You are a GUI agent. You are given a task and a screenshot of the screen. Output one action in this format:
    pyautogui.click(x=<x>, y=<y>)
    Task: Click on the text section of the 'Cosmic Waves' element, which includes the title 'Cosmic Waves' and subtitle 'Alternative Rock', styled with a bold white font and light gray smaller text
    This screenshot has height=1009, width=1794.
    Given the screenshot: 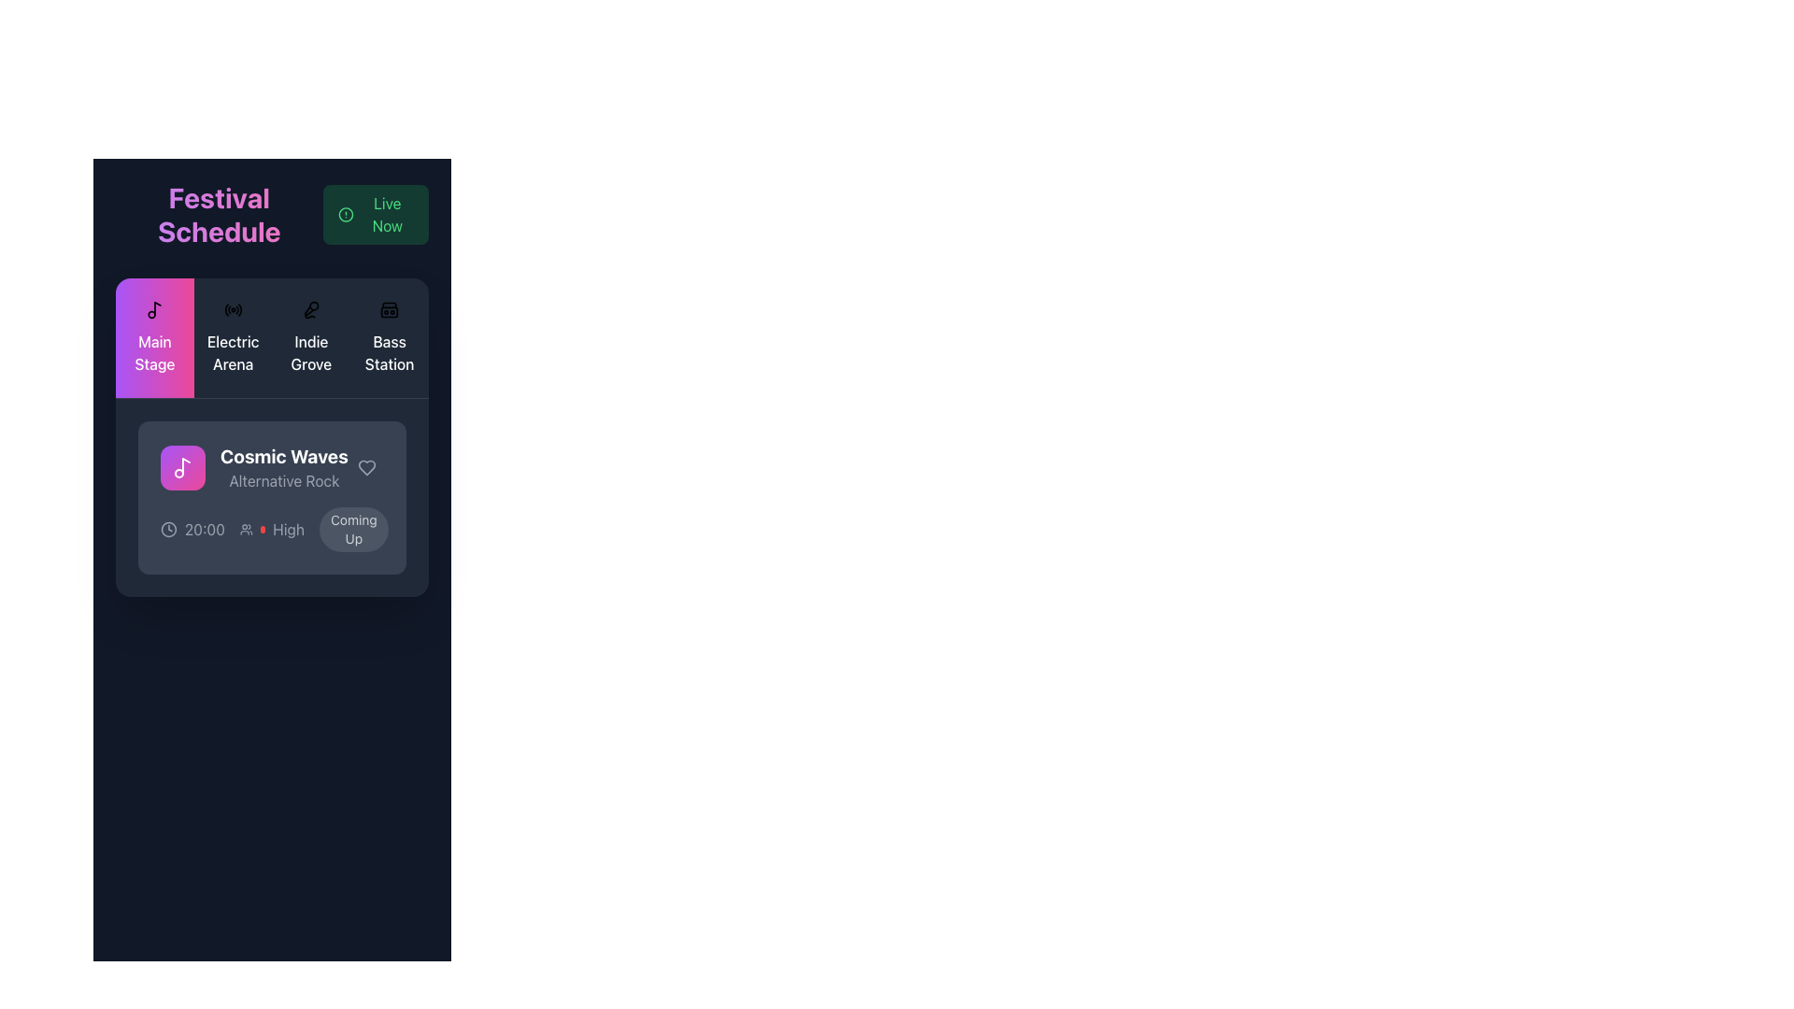 What is the action you would take?
    pyautogui.click(x=253, y=467)
    